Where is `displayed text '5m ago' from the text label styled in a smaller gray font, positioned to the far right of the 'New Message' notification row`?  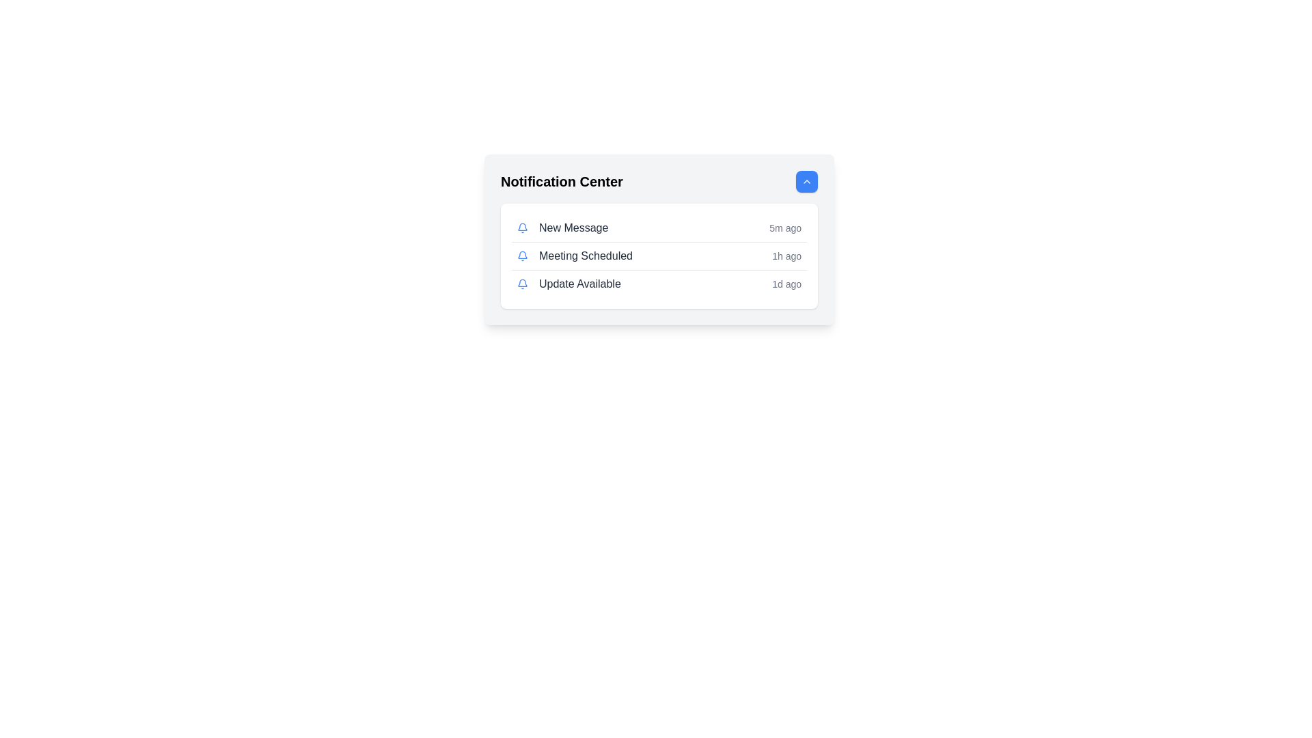
displayed text '5m ago' from the text label styled in a smaller gray font, positioned to the far right of the 'New Message' notification row is located at coordinates (785, 228).